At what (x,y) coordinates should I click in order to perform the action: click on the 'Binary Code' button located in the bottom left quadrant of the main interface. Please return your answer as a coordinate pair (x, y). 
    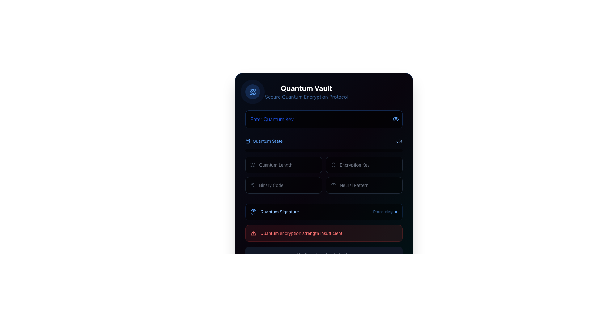
    Looking at the image, I should click on (271, 185).